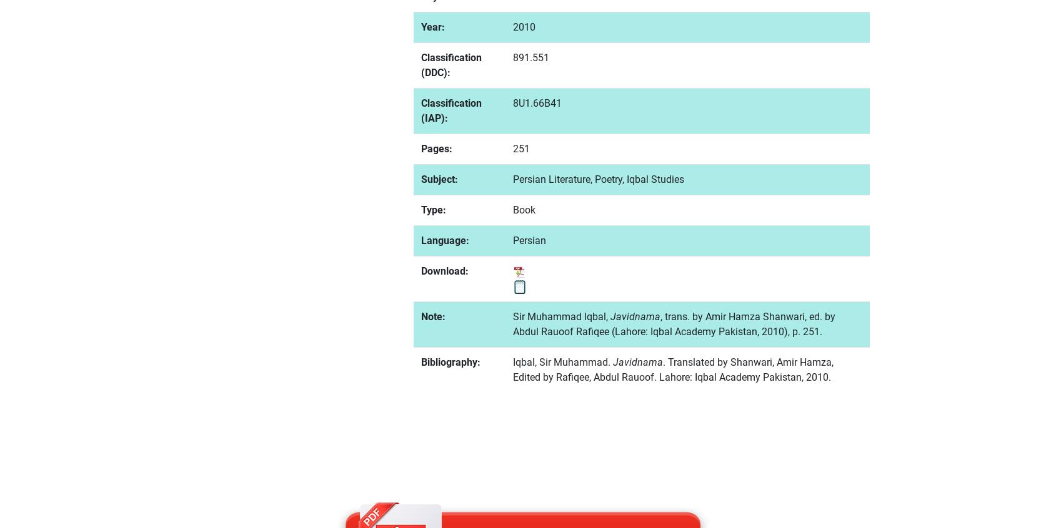 This screenshot has width=1046, height=528. I want to click on 'Year:', so click(421, 26).